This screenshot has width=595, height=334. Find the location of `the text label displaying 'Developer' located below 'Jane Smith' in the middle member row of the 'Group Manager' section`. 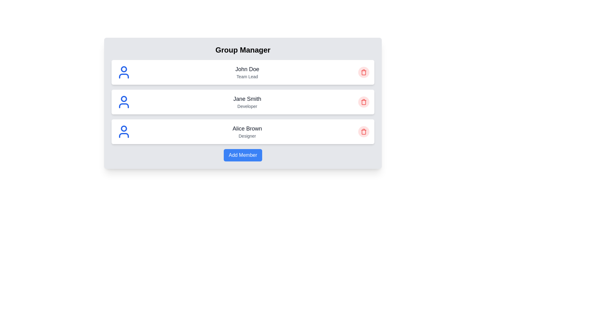

the text label displaying 'Developer' located below 'Jane Smith' in the middle member row of the 'Group Manager' section is located at coordinates (247, 106).